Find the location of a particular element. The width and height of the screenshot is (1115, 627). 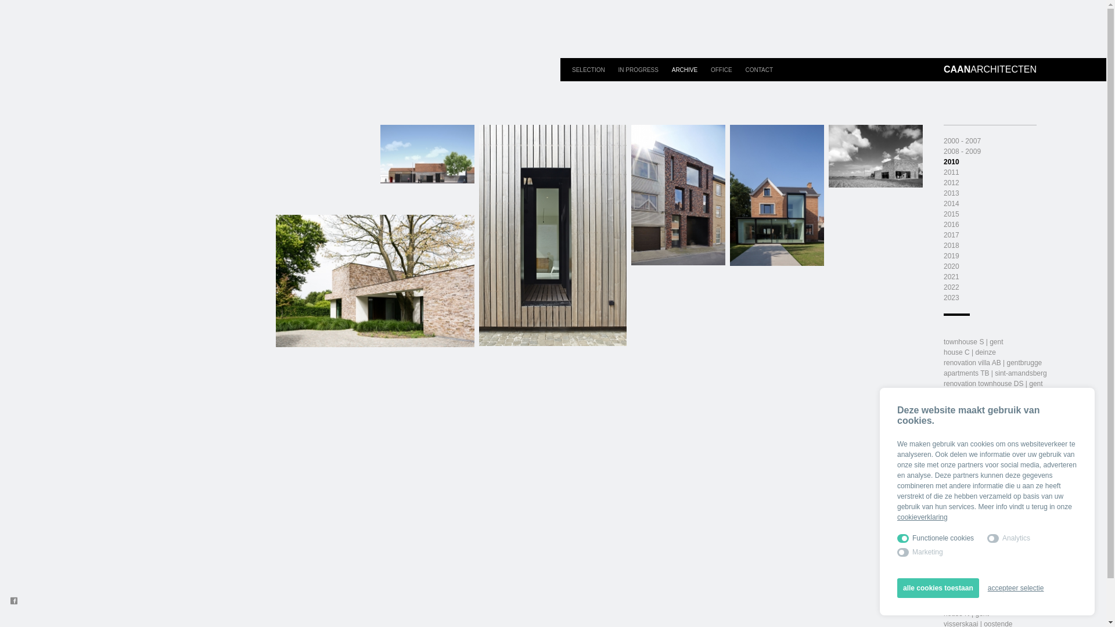

'renovation villa AB | gentbrugge' is located at coordinates (992, 362).